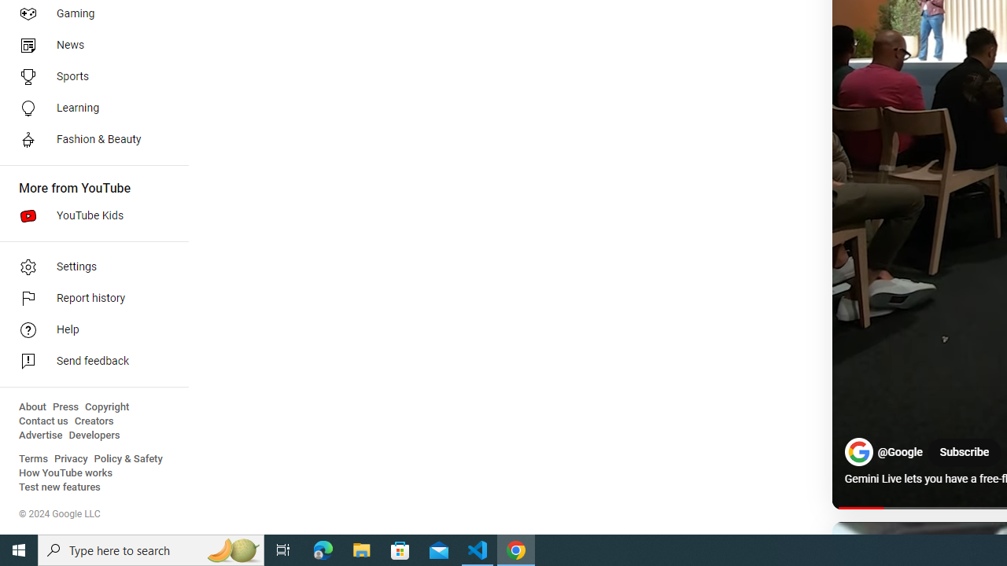 This screenshot has height=566, width=1007. Describe the element at coordinates (88, 138) in the screenshot. I see `'Fashion & Beauty'` at that location.